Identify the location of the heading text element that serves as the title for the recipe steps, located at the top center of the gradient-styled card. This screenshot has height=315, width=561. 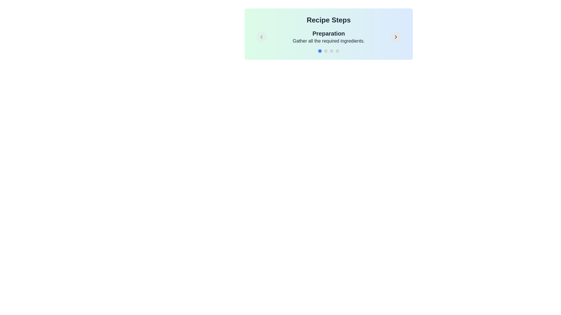
(328, 20).